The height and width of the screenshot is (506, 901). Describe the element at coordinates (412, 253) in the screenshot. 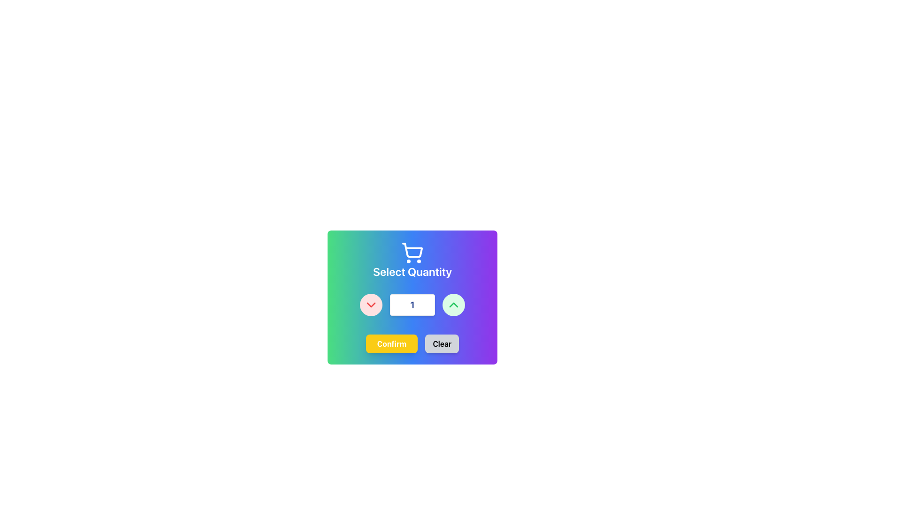

I see `the shopping cart SVG icon located directly above the 'Select Quantity' text` at that location.